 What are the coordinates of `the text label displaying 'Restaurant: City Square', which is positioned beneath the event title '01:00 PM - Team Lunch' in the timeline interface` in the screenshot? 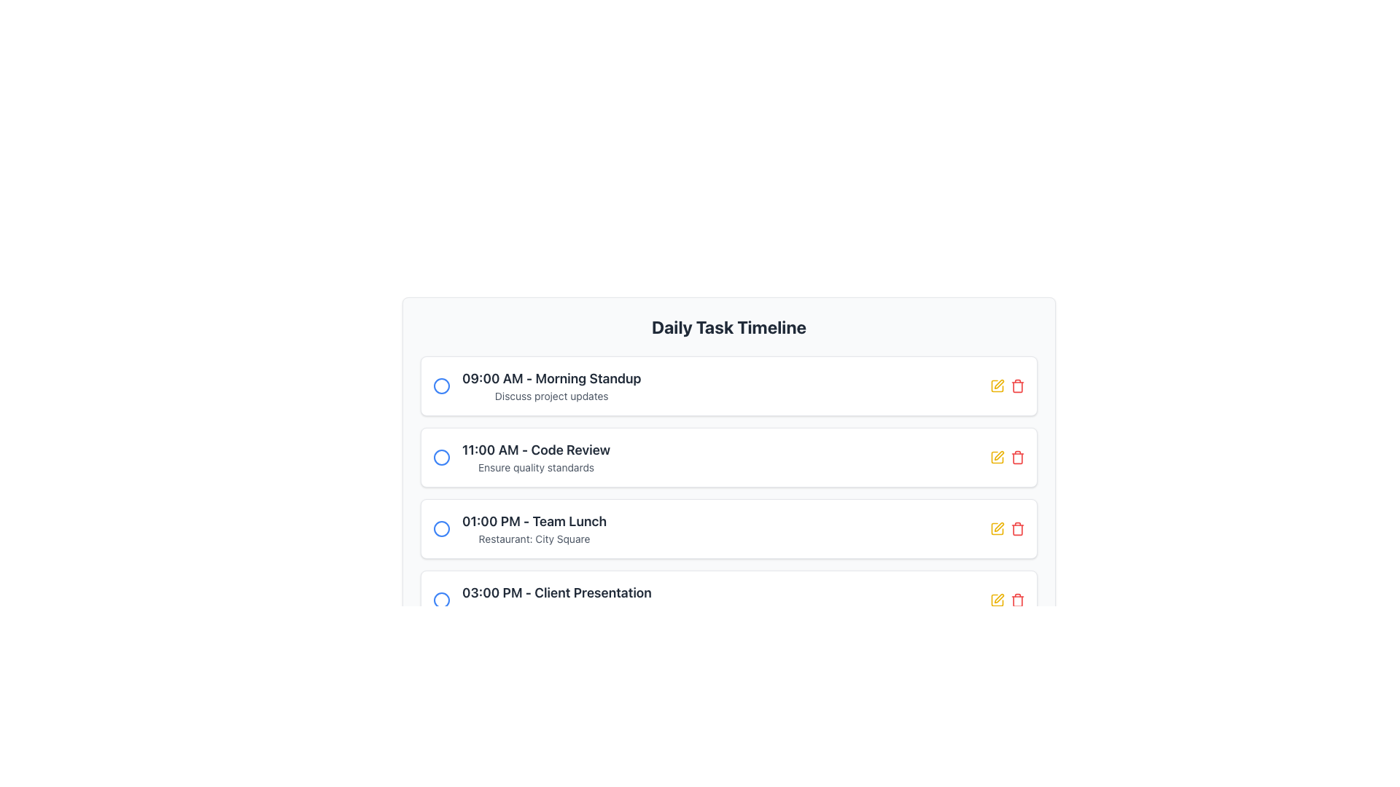 It's located at (534, 539).